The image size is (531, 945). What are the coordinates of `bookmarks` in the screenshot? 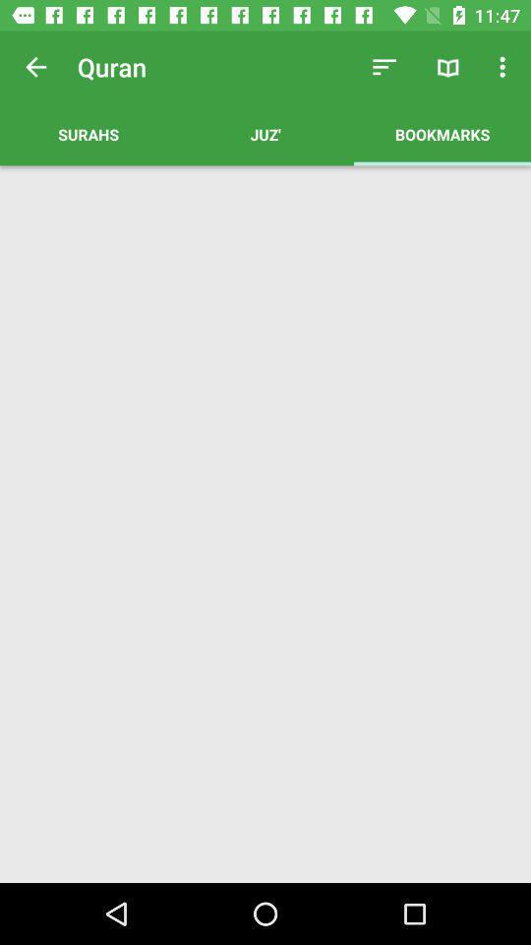 It's located at (442, 133).